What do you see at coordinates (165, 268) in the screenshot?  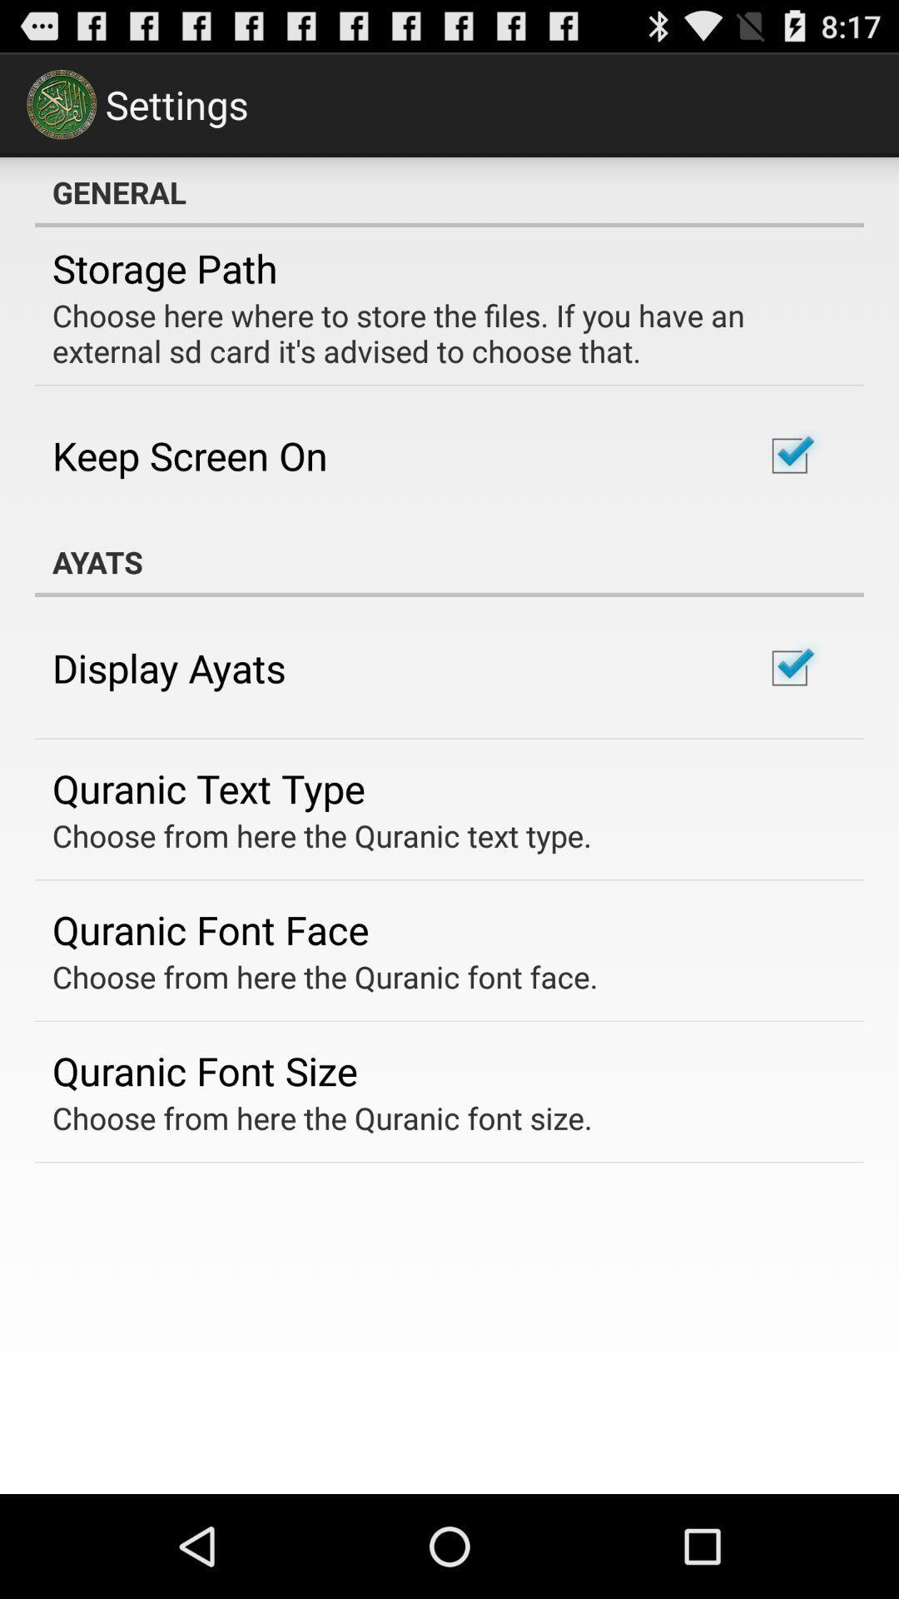 I see `storage path item` at bounding box center [165, 268].